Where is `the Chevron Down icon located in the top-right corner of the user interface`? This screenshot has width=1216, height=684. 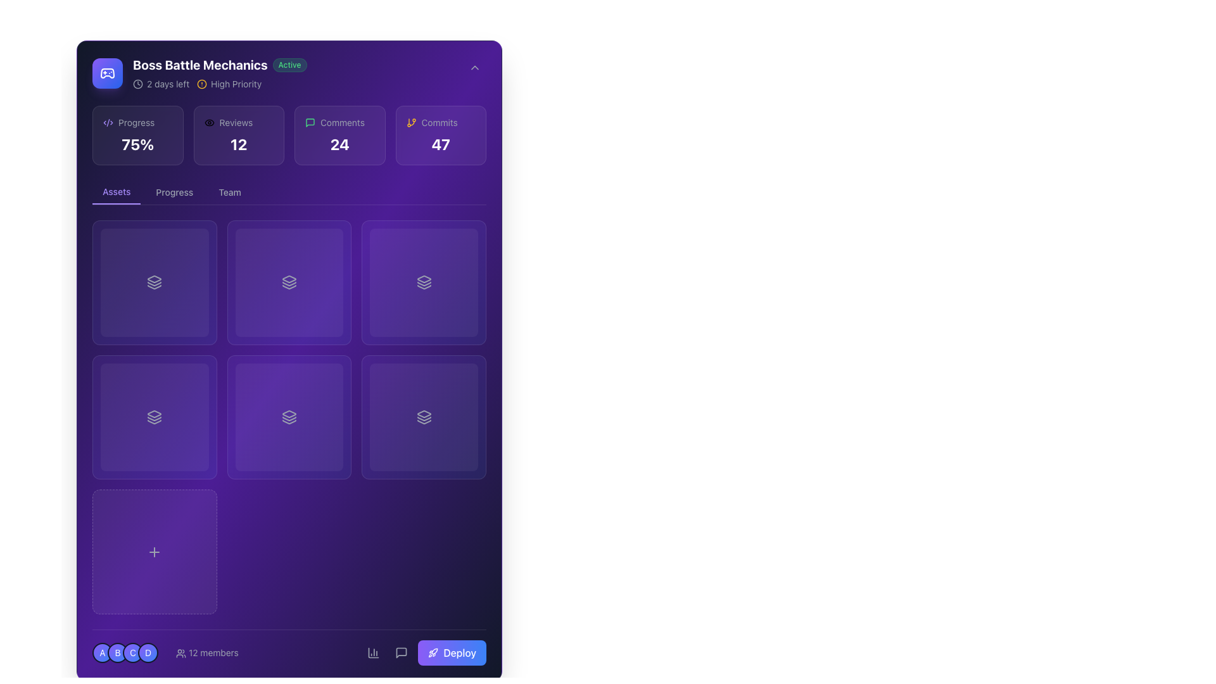
the Chevron Down icon located in the top-right corner of the user interface is located at coordinates (474, 68).